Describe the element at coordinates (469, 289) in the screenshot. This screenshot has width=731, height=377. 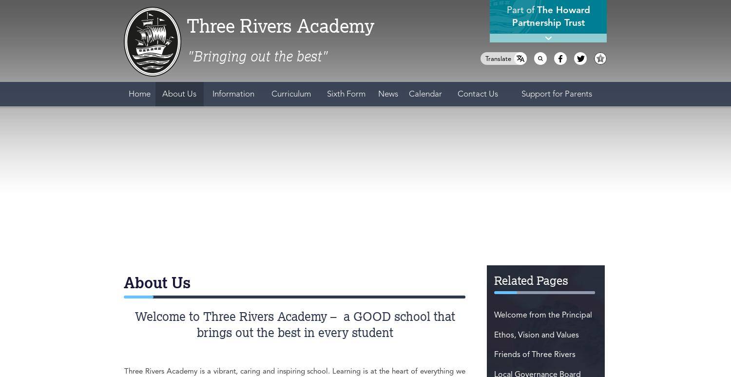
I see `'PGCE could be for you.'` at that location.